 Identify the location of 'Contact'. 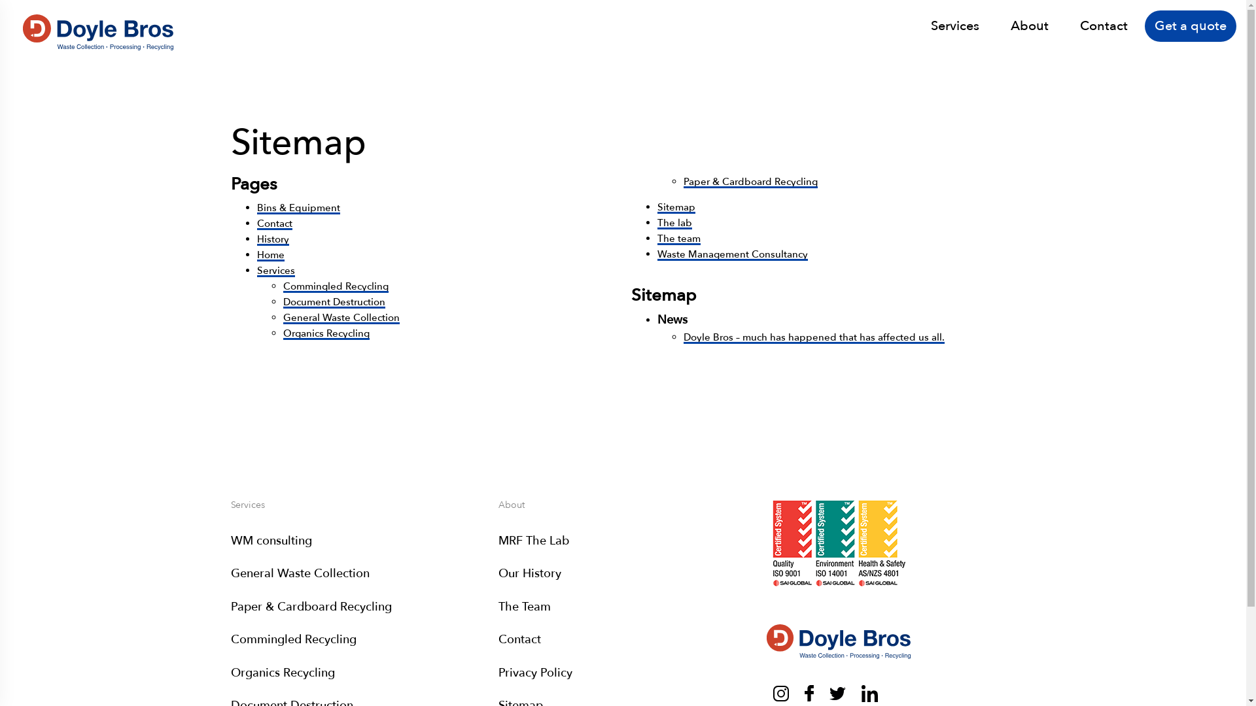
(1103, 25).